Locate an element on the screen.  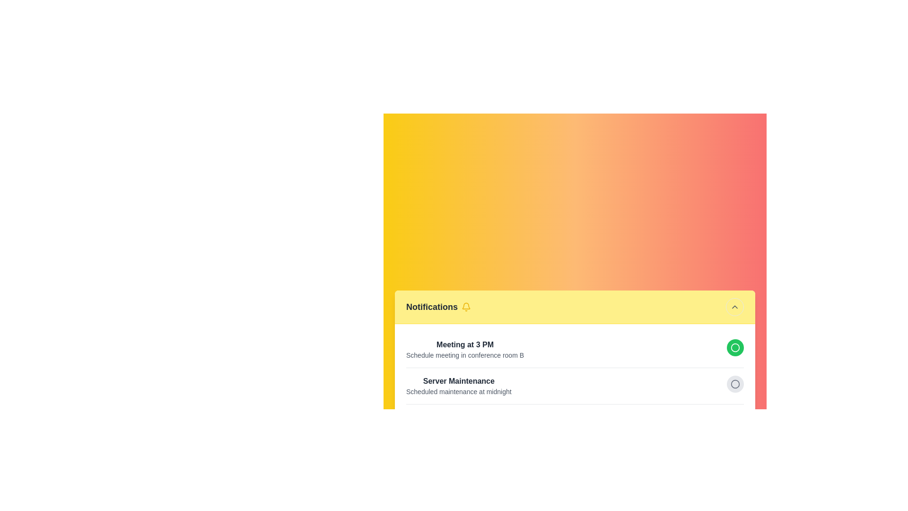
the 'Notifications' text label, which is prominently displayed in bold font on a yellow background in the header area is located at coordinates (431, 307).